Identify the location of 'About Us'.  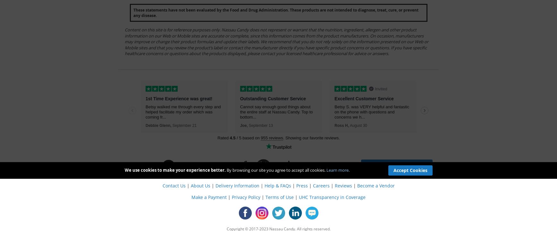
(200, 185).